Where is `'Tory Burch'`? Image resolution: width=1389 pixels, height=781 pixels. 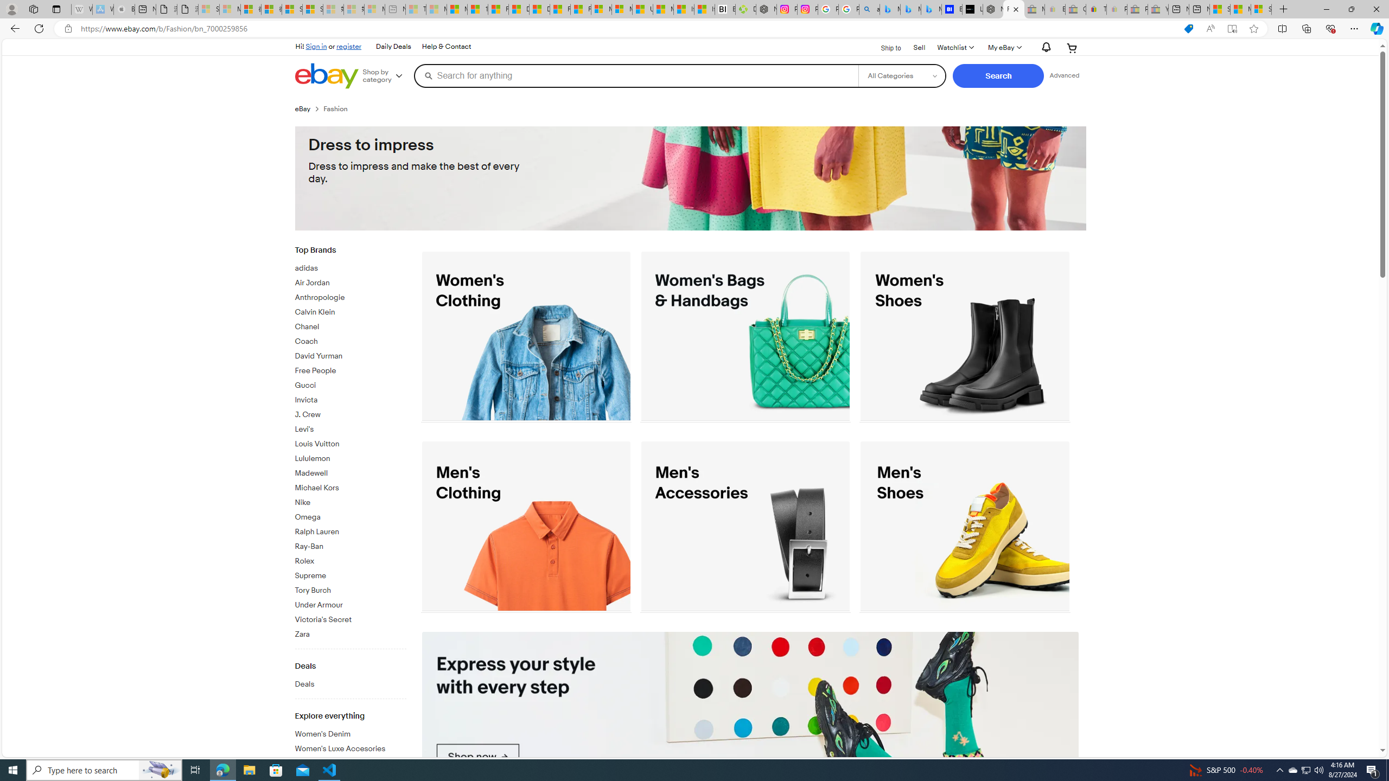 'Tory Burch' is located at coordinates (350, 590).